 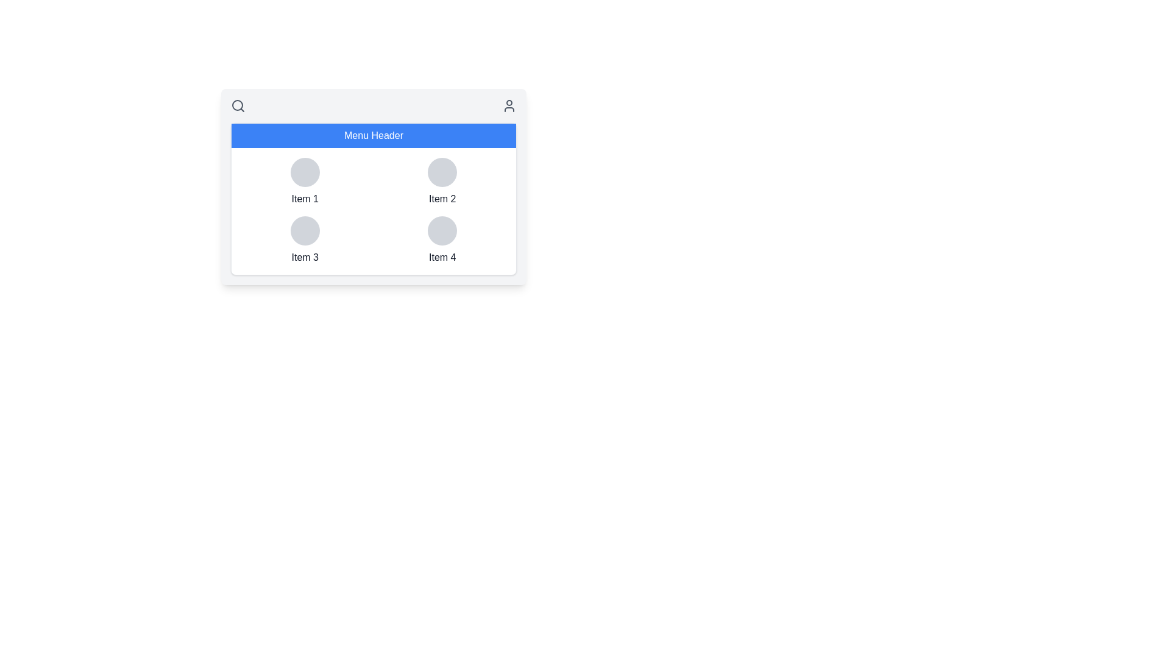 What do you see at coordinates (442, 257) in the screenshot?
I see `the text label displaying 'Item 4', which is located beneath the circular icon representing 'Item 4'` at bounding box center [442, 257].